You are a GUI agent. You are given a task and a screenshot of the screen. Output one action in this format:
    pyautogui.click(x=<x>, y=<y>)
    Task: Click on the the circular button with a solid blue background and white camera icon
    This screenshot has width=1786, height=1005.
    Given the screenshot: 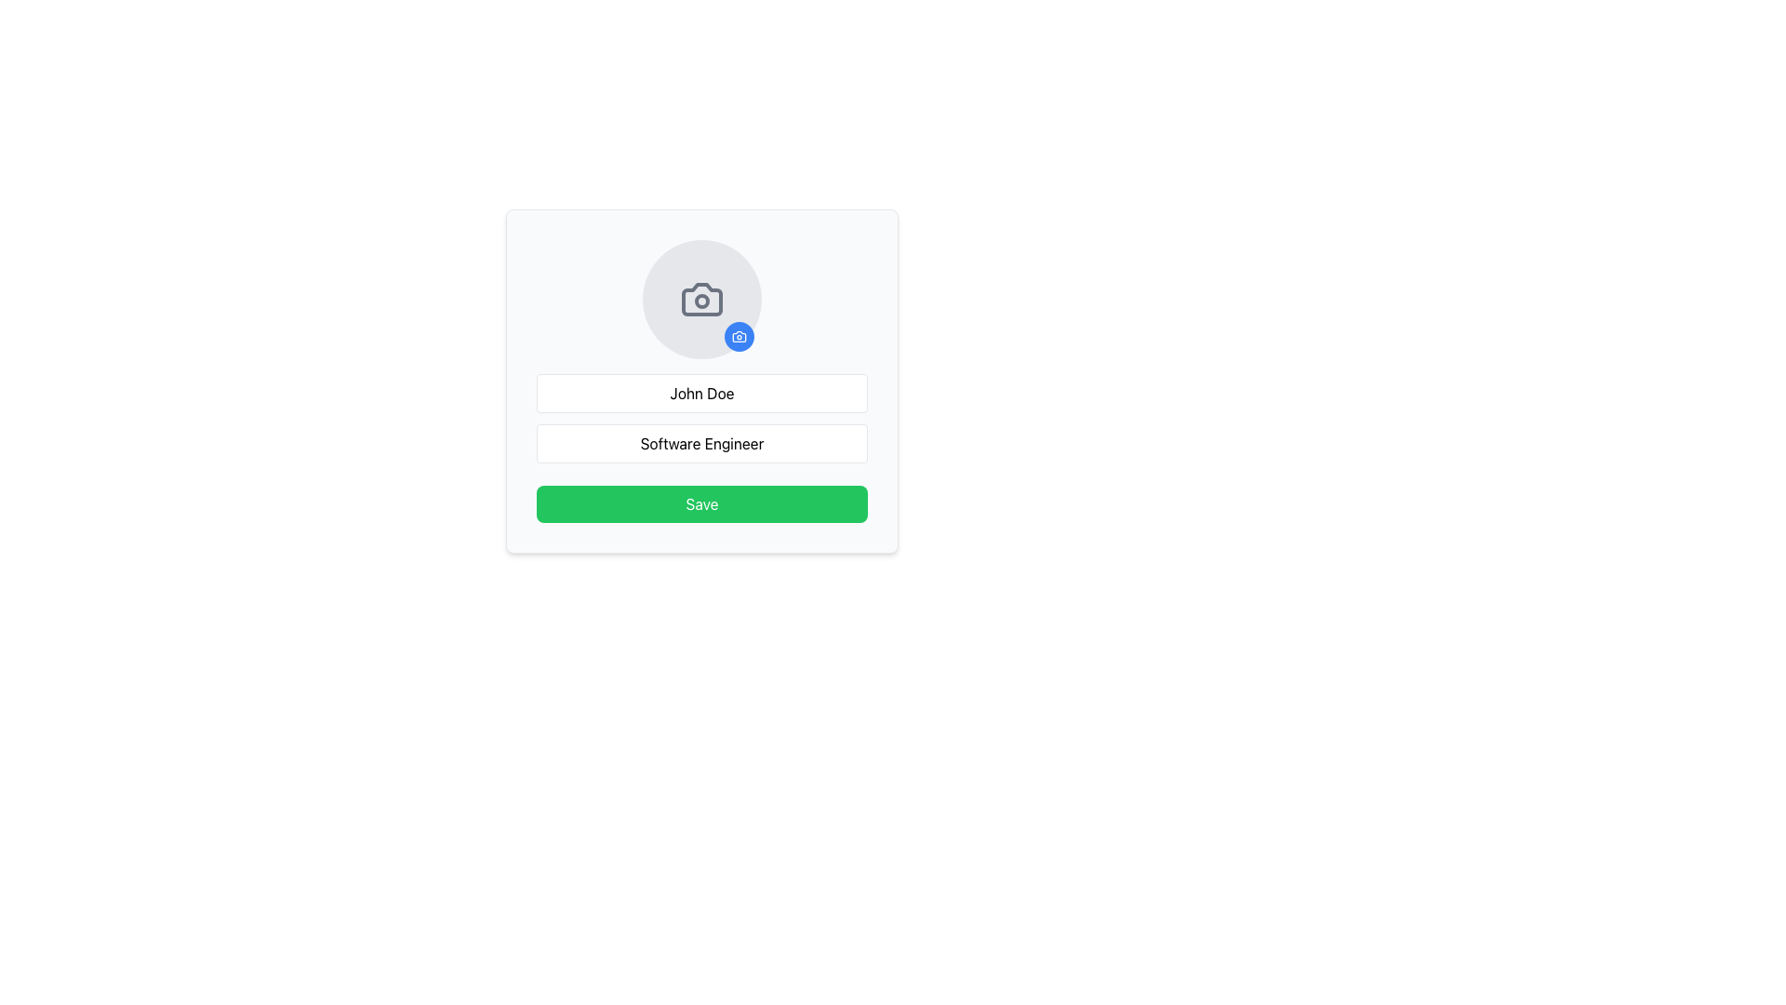 What is the action you would take?
    pyautogui.click(x=739, y=337)
    